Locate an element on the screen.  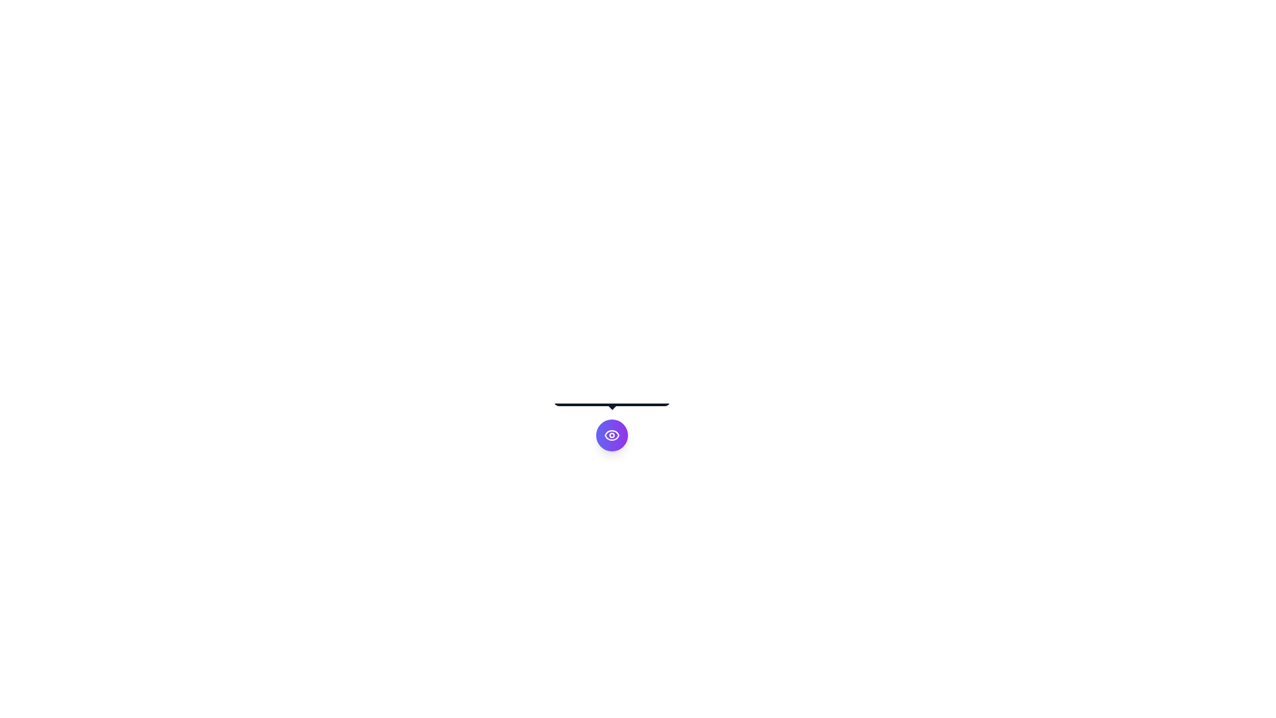
the eye-shaped icon with a circular purple background is located at coordinates (611, 435).